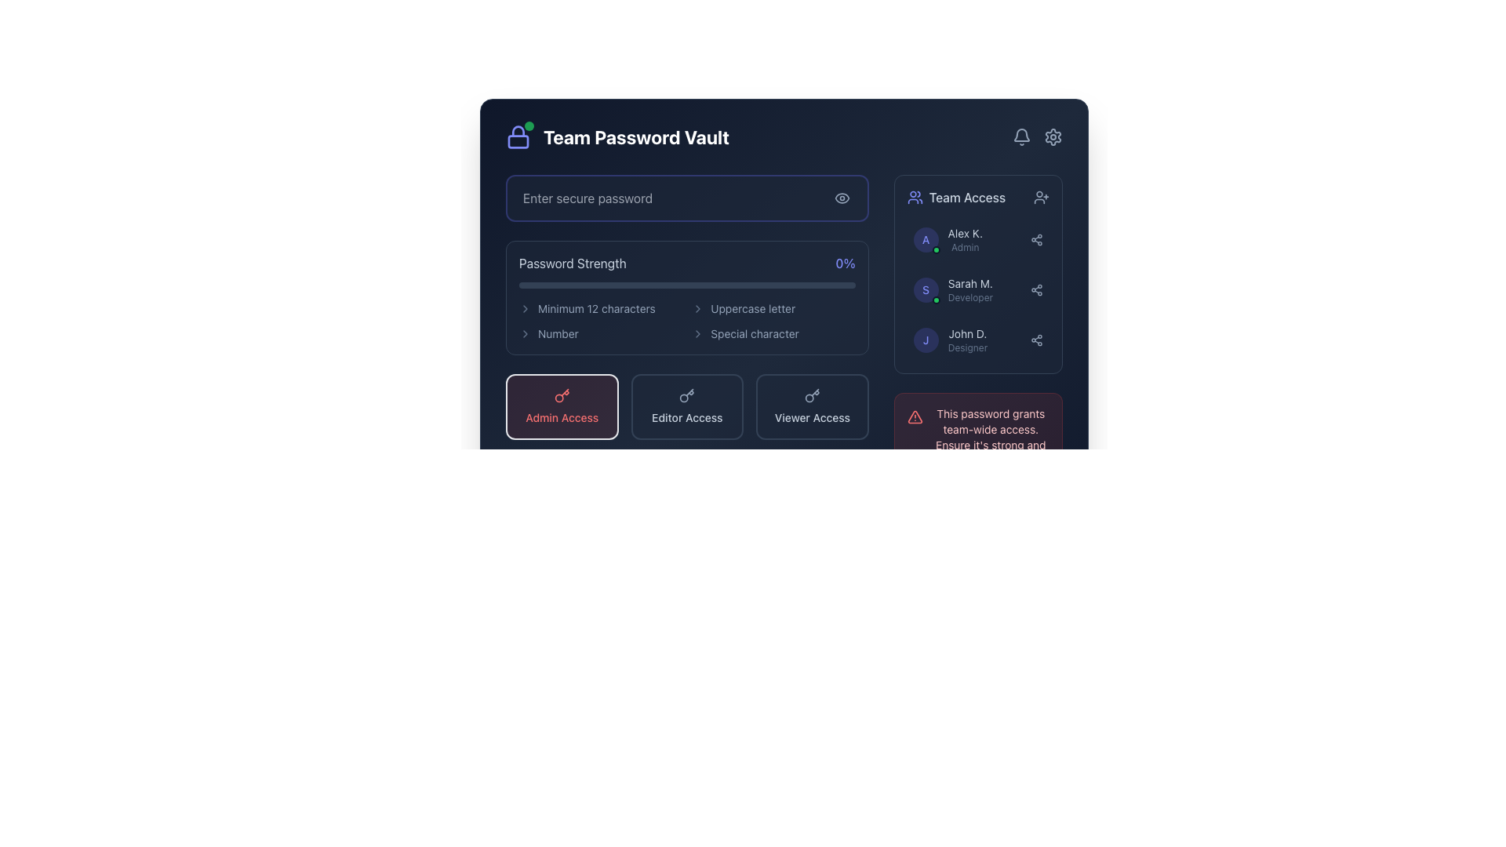 The image size is (1506, 847). I want to click on the share icon located in the 'Team Access' panel, positioned to the right of 'Alex K.', so click(1036, 239).